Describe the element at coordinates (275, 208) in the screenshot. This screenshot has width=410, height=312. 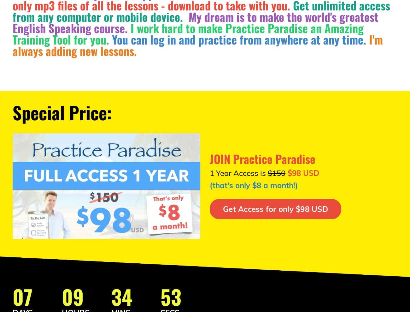
I see `'Get Access for only $98 USD'` at that location.